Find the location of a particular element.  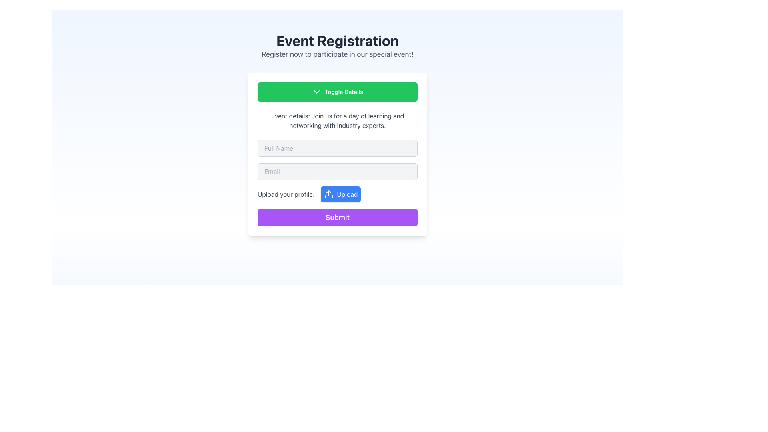

the decorative graphic component of the upload icon located within the 'Upload' button in the registration form is located at coordinates (329, 197).